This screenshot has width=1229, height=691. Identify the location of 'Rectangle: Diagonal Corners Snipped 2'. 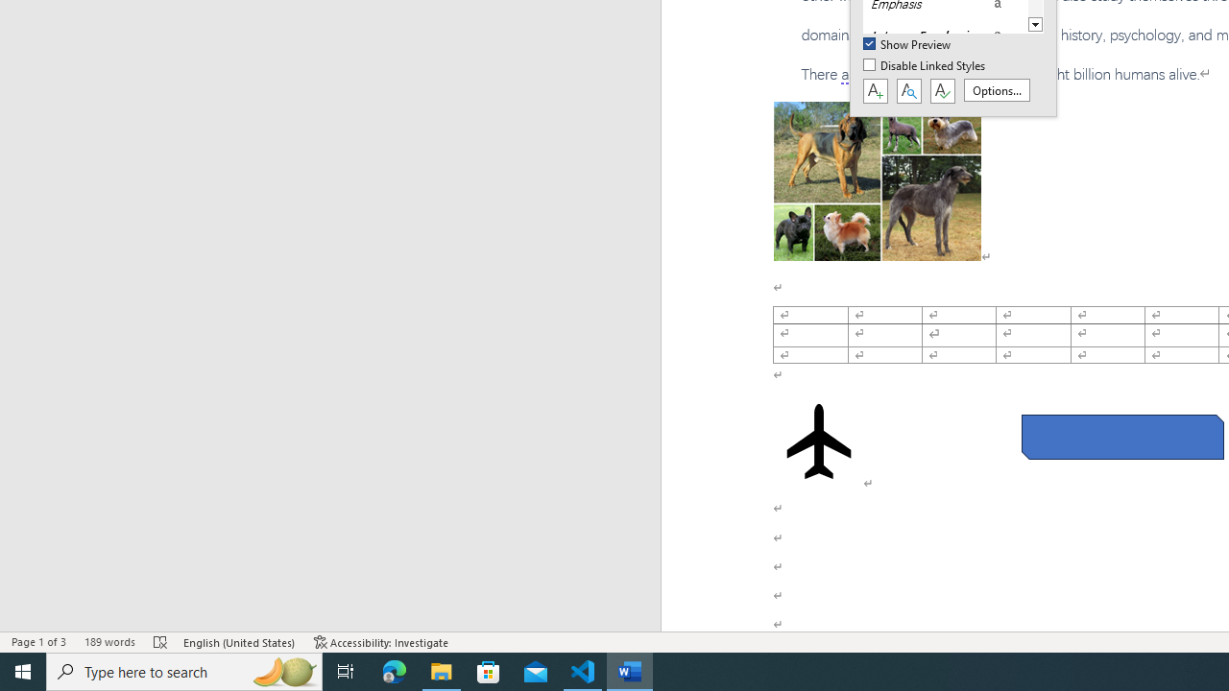
(1122, 437).